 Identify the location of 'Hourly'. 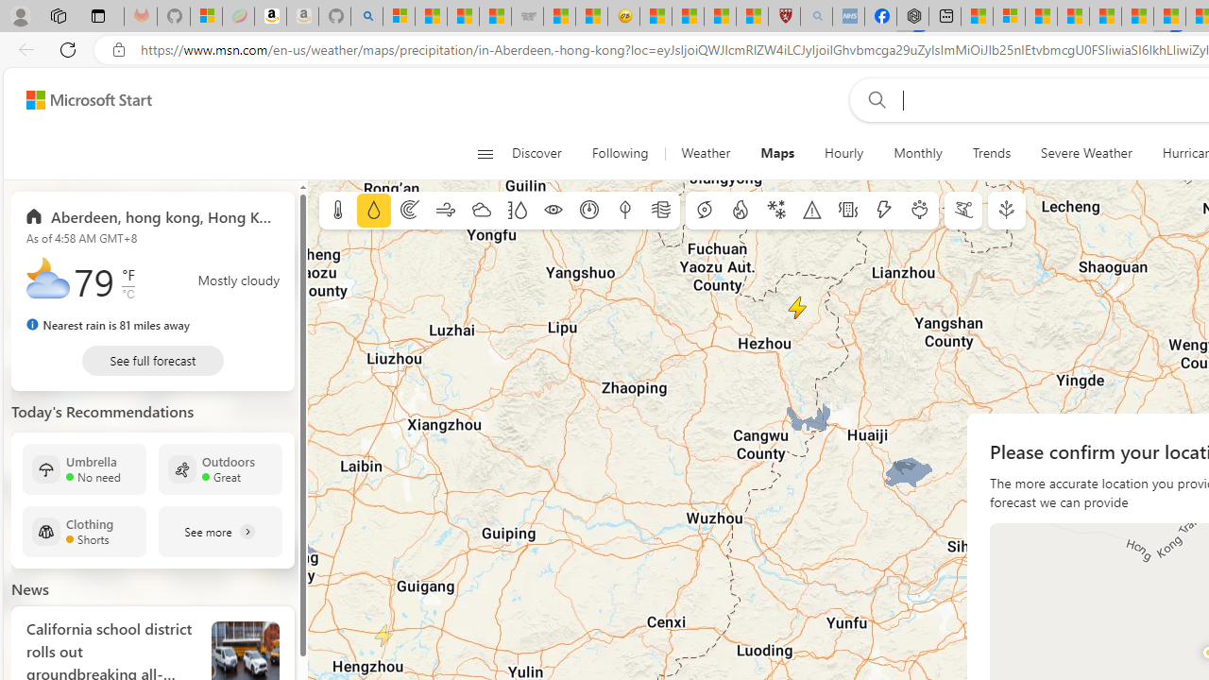
(843, 153).